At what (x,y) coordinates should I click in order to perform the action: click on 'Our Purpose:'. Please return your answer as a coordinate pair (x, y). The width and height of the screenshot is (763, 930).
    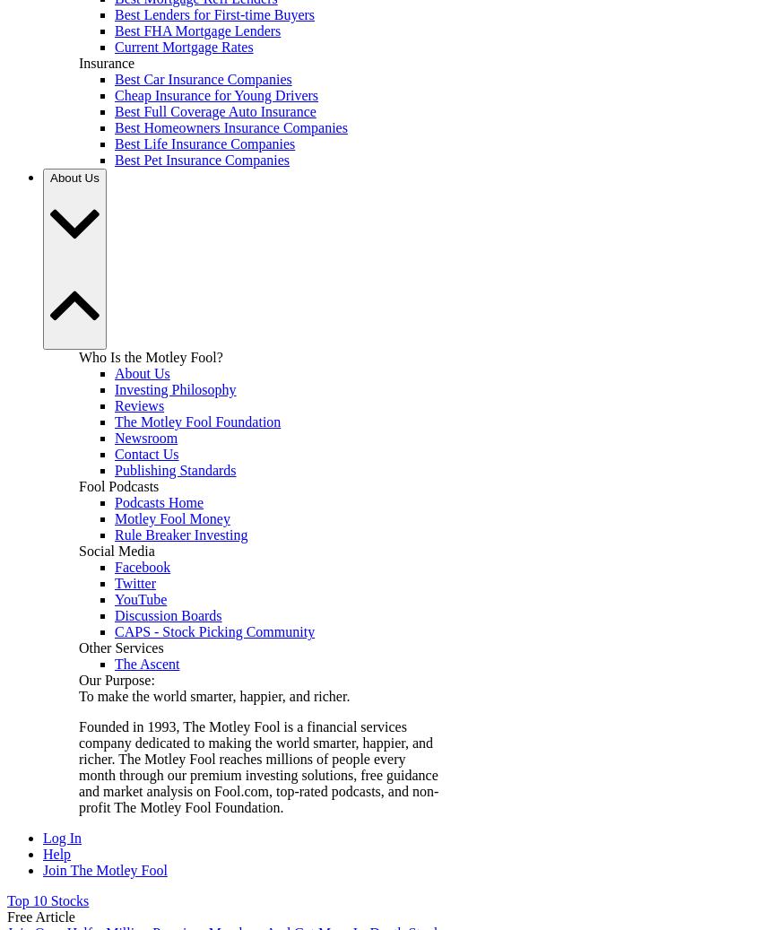
    Looking at the image, I should click on (117, 680).